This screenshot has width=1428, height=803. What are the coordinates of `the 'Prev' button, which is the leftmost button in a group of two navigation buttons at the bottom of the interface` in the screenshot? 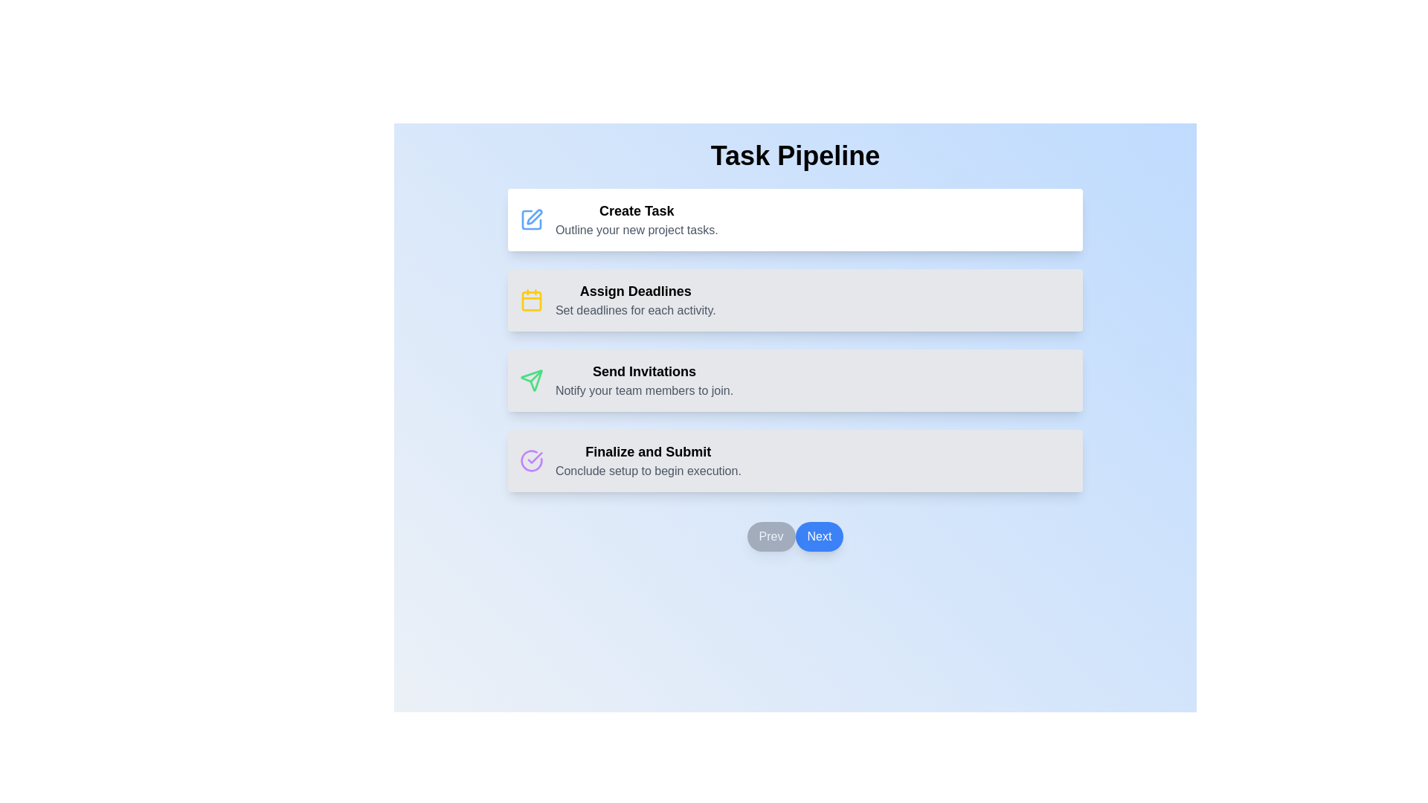 It's located at (771, 536).